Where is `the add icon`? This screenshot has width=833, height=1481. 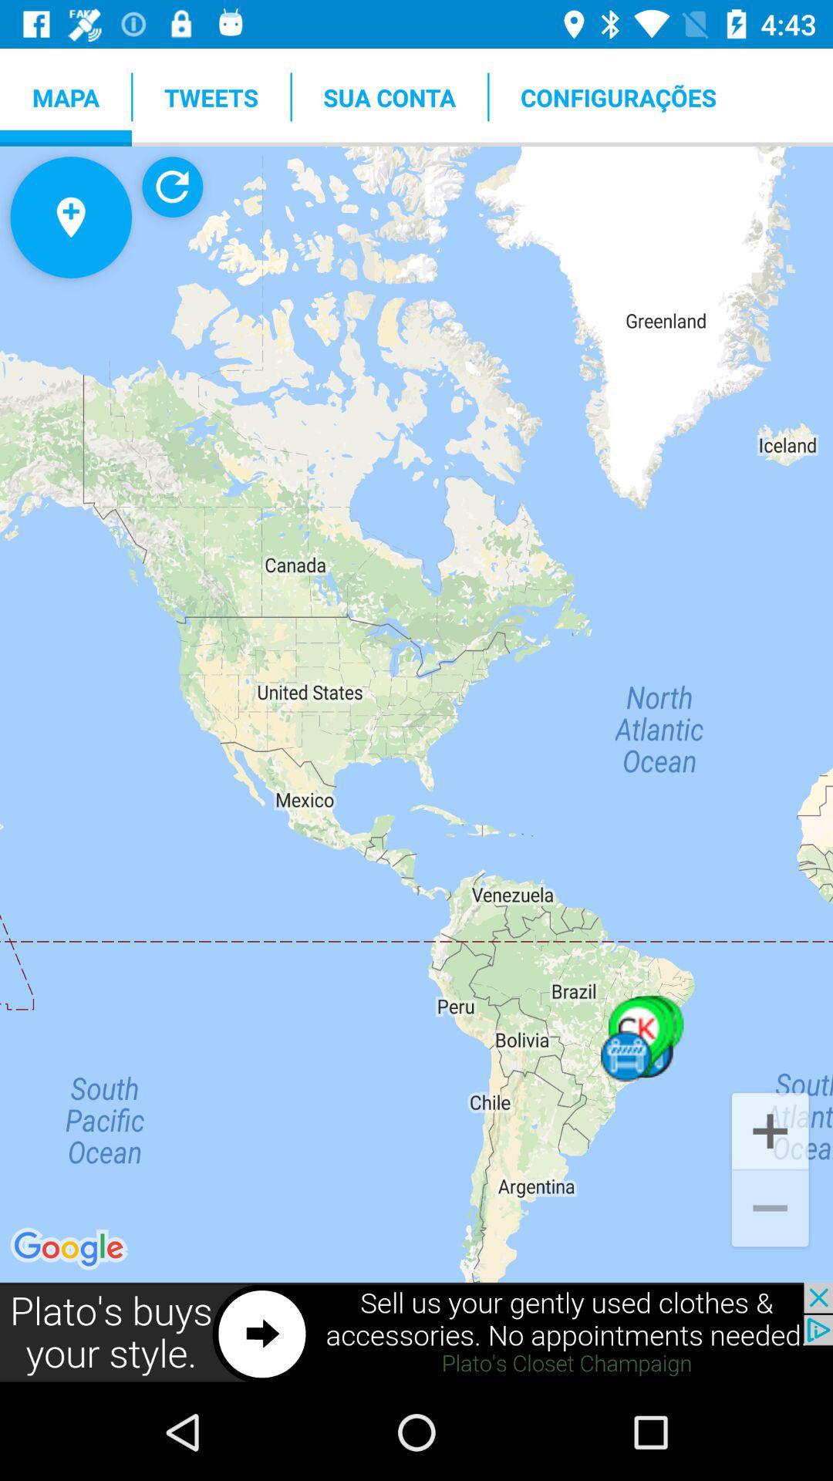 the add icon is located at coordinates (770, 1129).